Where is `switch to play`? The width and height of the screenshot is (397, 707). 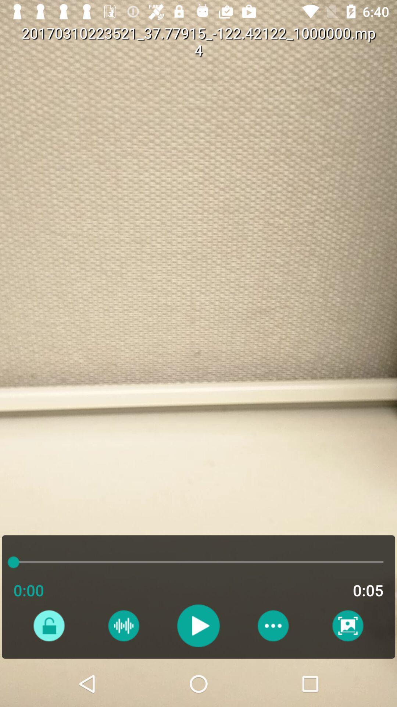
switch to play is located at coordinates (198, 625).